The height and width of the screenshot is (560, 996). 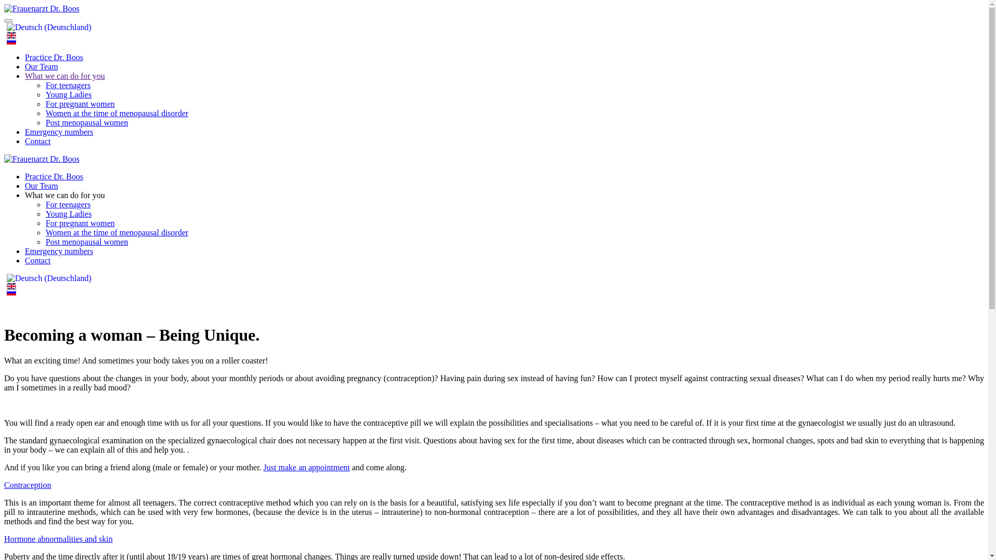 What do you see at coordinates (79, 222) in the screenshot?
I see `'For pregnant women'` at bounding box center [79, 222].